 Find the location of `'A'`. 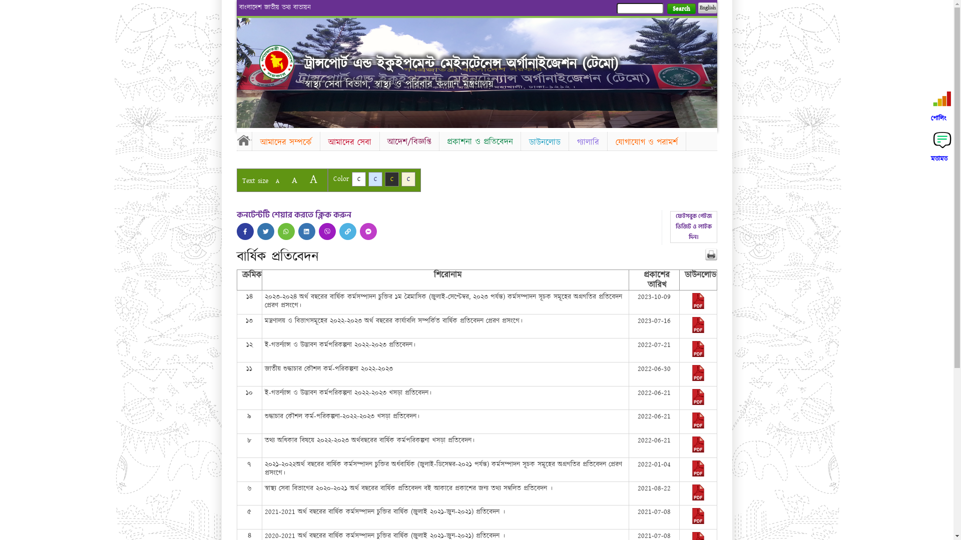

'A' is located at coordinates (277, 181).